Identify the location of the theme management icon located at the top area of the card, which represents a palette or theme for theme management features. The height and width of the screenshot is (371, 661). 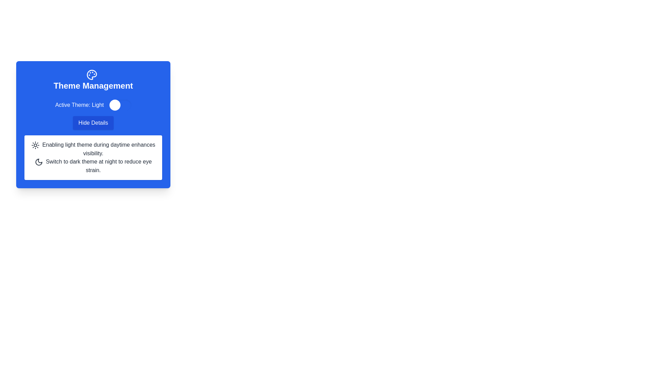
(92, 75).